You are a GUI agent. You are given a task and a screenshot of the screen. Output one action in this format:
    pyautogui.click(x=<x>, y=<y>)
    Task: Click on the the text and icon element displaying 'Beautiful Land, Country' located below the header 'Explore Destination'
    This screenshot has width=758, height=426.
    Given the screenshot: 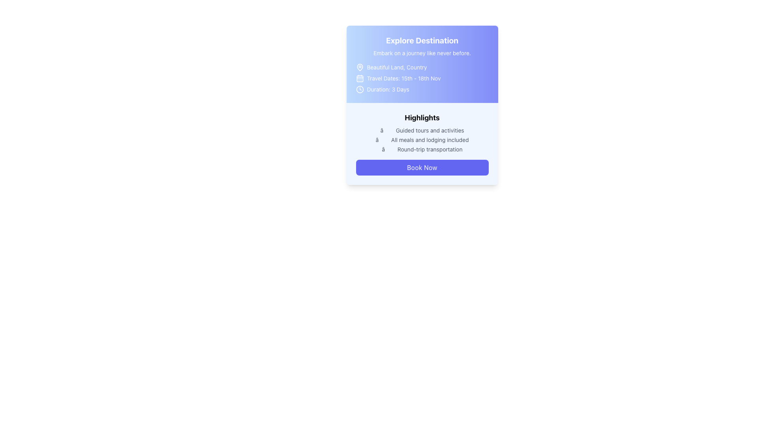 What is the action you would take?
    pyautogui.click(x=422, y=67)
    